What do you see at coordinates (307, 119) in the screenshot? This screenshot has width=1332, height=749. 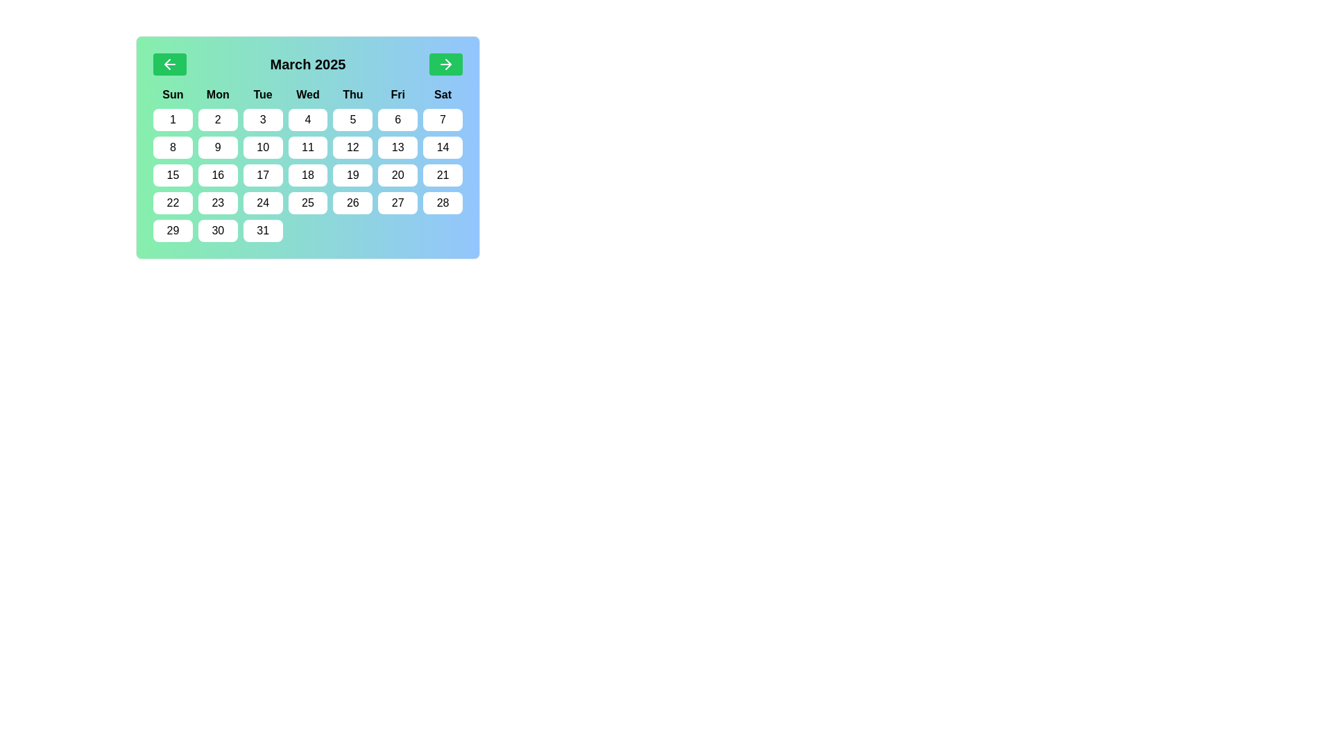 I see `the small rectangular button with rounded corners displaying the number '4' in black, located in the first row of date buttons under the column labeled 'Wed'` at bounding box center [307, 119].